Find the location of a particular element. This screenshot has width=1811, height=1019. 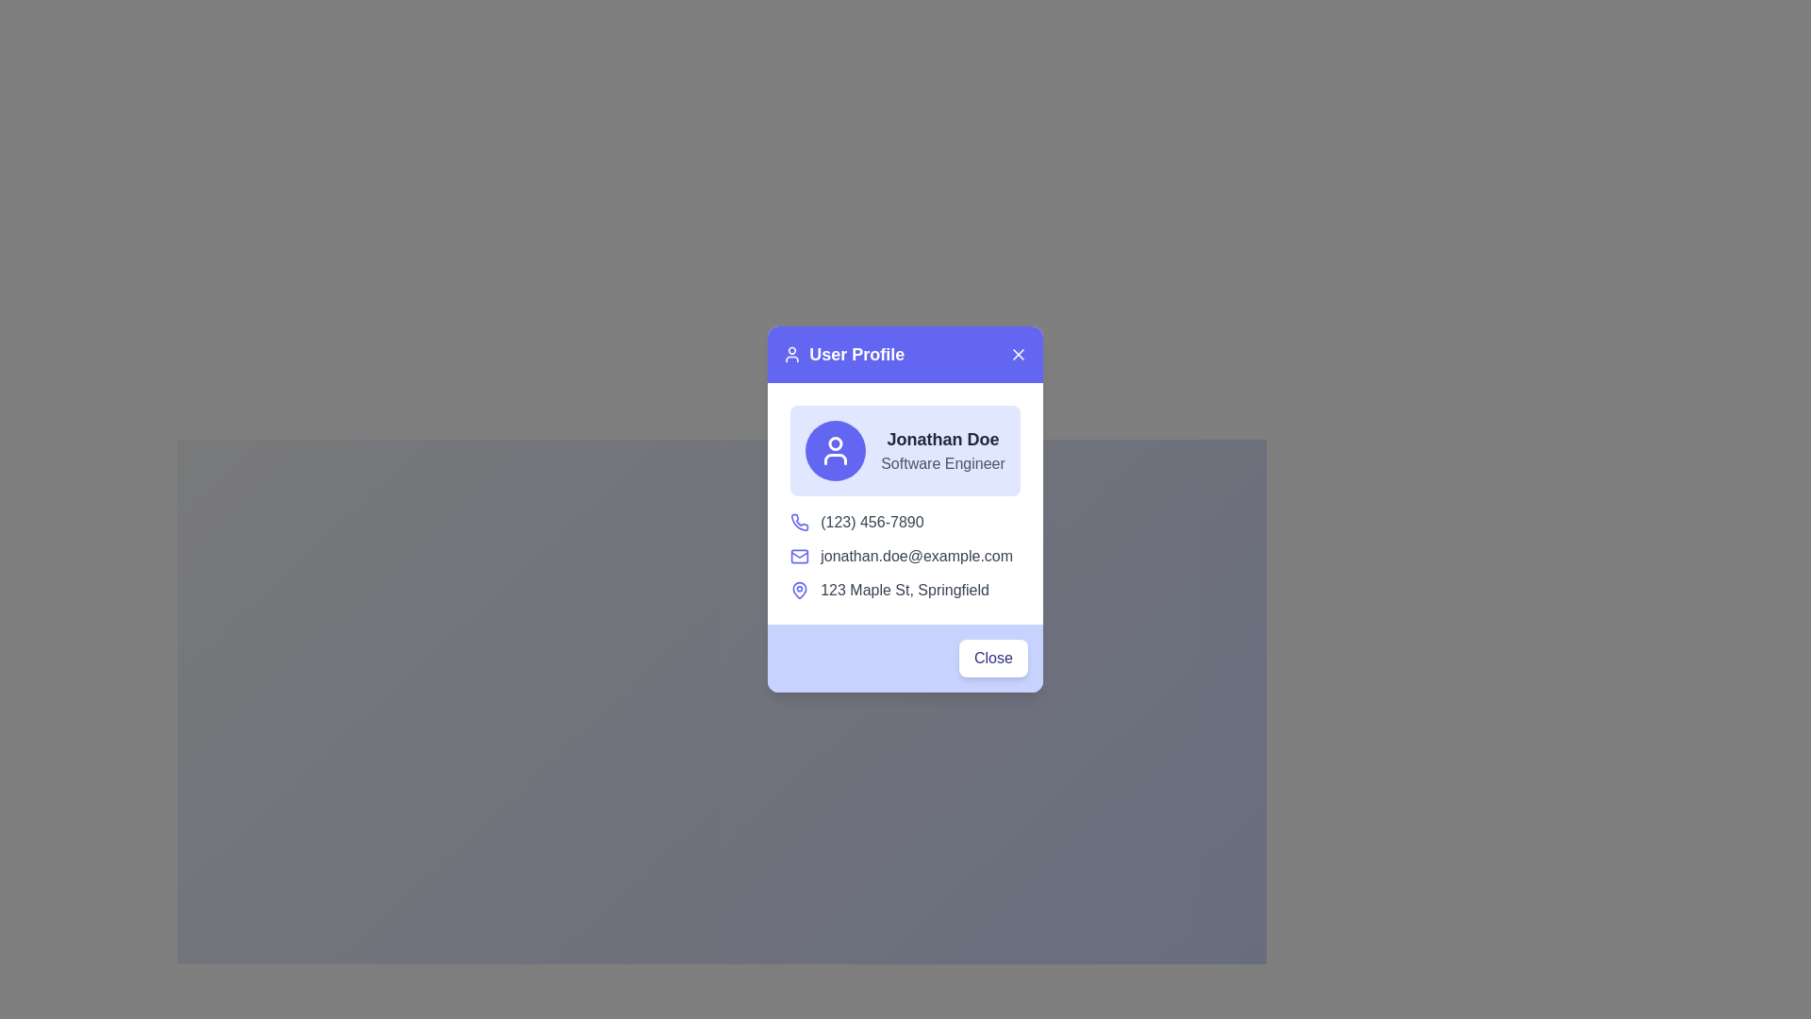

the indigo pin icon representing a location, located at the bottom left of the dialog box within the profile card is located at coordinates (800, 589).